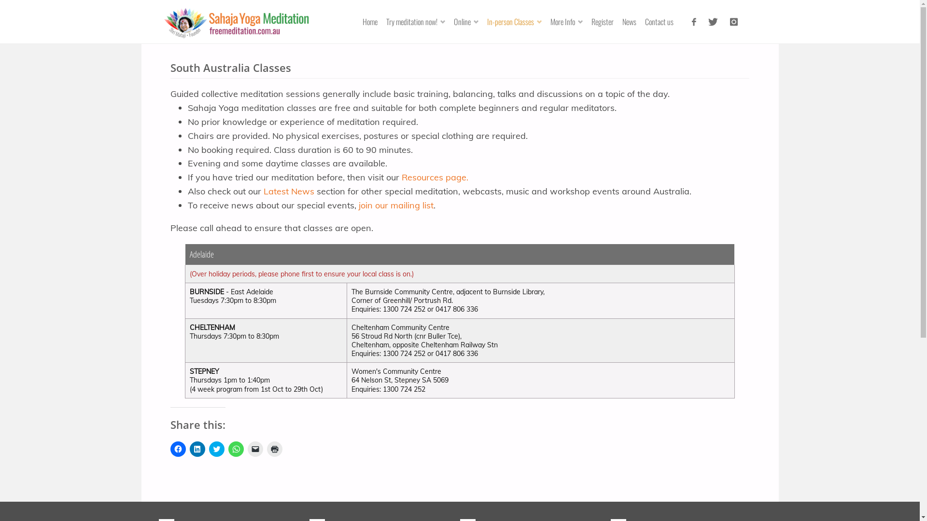  What do you see at coordinates (435, 177) in the screenshot?
I see `'Resources page.'` at bounding box center [435, 177].